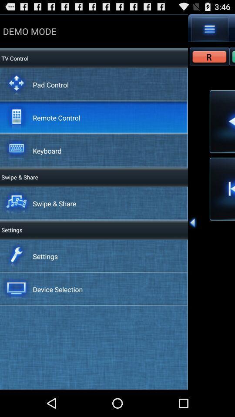 The height and width of the screenshot is (417, 235). I want to click on the icon below demo mode item, so click(13, 58).